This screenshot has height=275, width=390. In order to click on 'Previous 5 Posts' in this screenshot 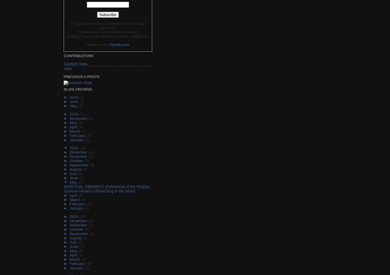, I will do `click(81, 76)`.